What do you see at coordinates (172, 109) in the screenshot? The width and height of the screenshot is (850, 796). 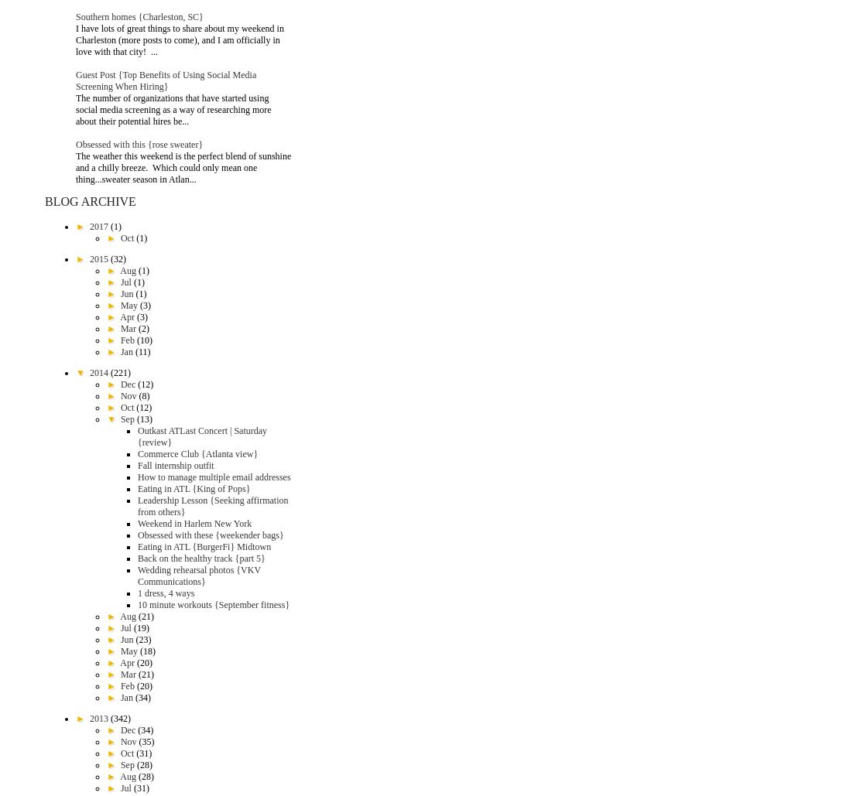 I see `'The number of organizations that have started using social media screening  as a way of researching more about their potential hires be...'` at bounding box center [172, 109].